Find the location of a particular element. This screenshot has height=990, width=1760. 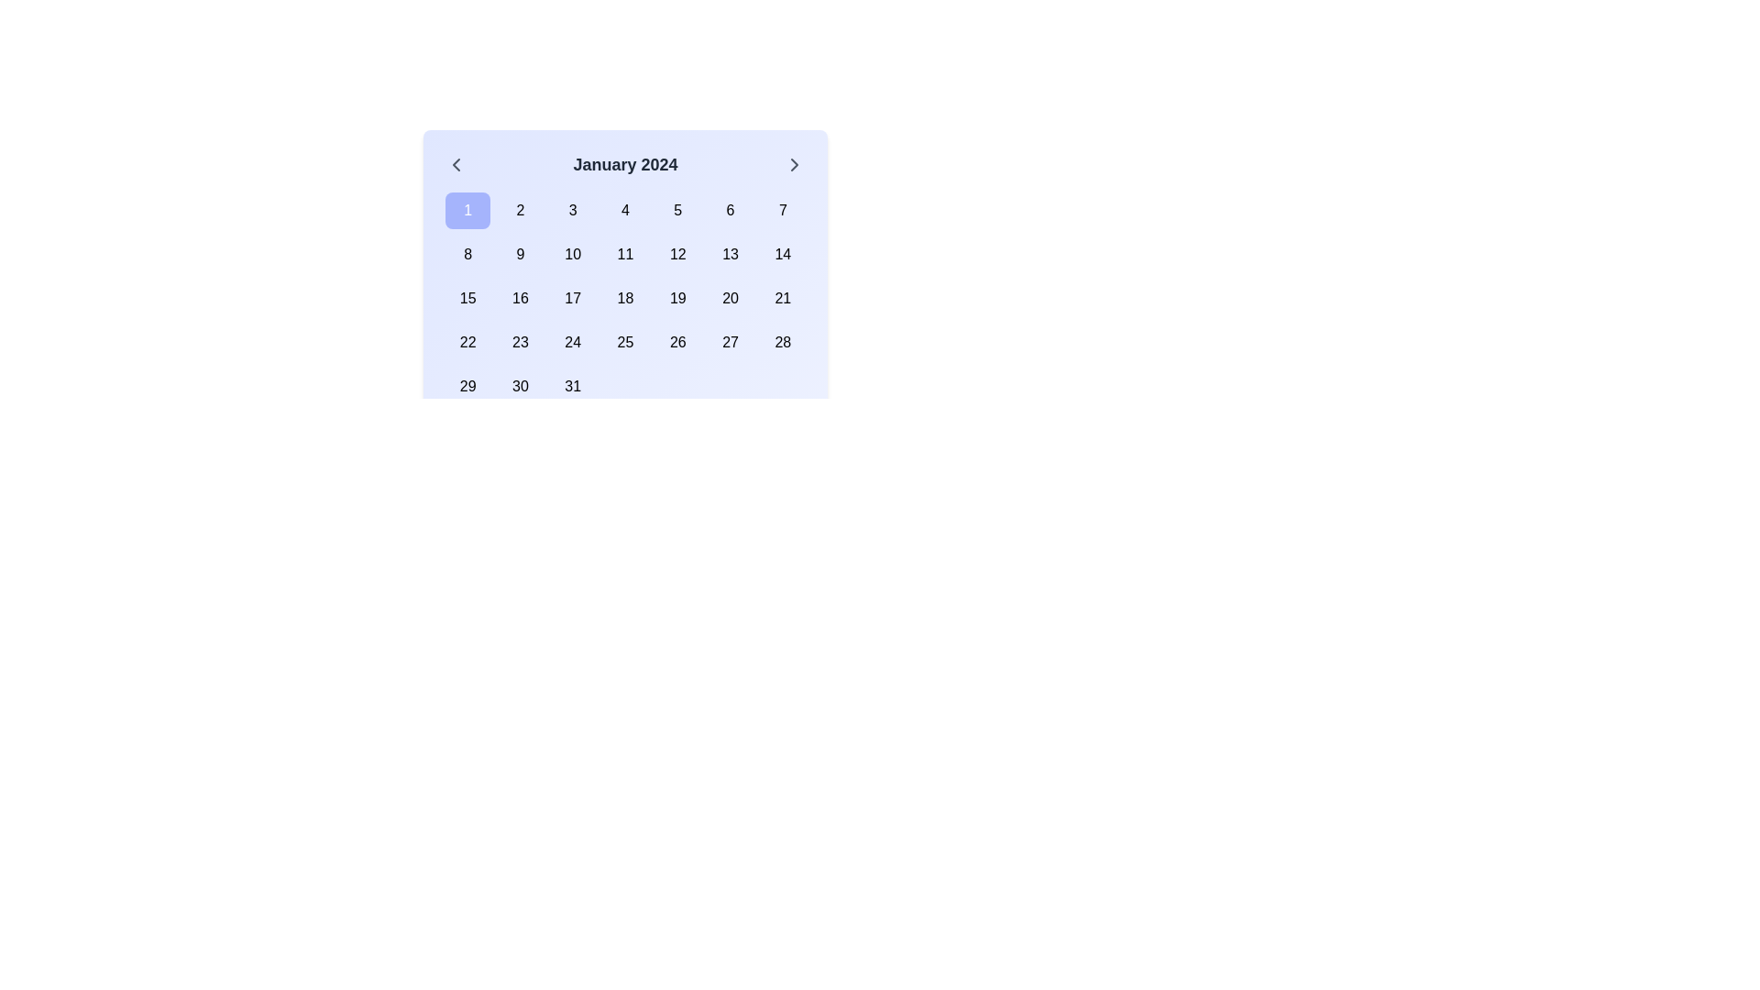

the rounded rectangular button displaying the number '31' is located at coordinates (571, 385).